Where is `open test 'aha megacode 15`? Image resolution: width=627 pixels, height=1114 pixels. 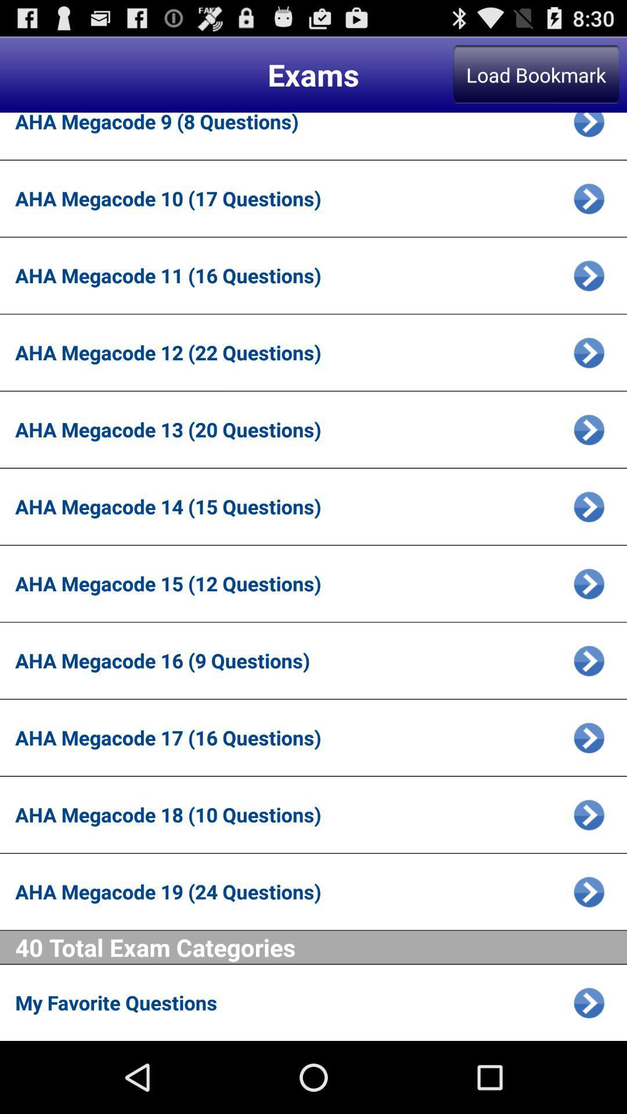
open test 'aha megacode 15 is located at coordinates (589, 584).